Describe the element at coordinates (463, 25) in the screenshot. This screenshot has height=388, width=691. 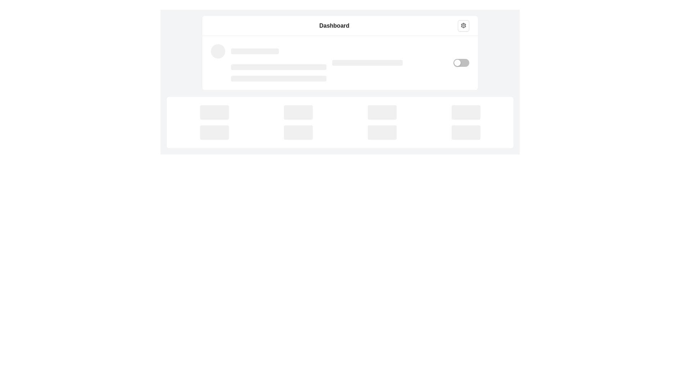
I see `the gear-shaped icon in the header section` at that location.